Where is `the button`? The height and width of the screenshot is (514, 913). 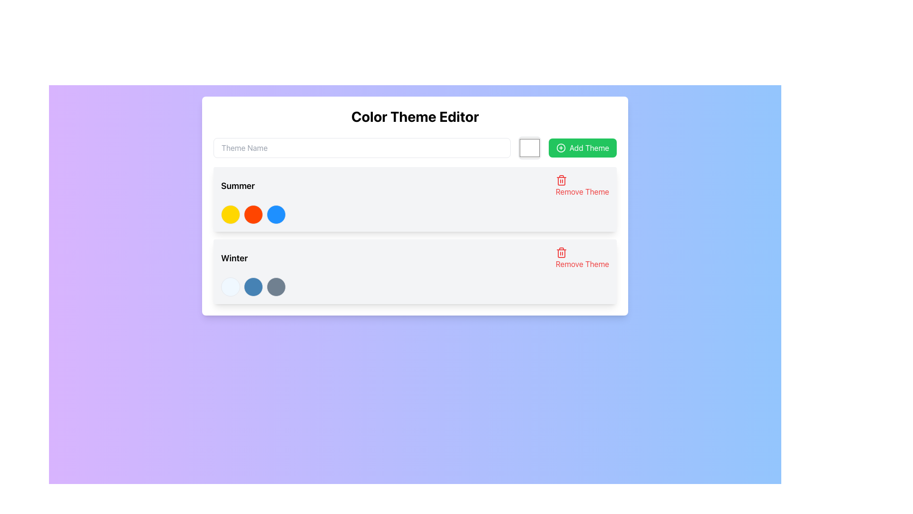
the button is located at coordinates (582, 258).